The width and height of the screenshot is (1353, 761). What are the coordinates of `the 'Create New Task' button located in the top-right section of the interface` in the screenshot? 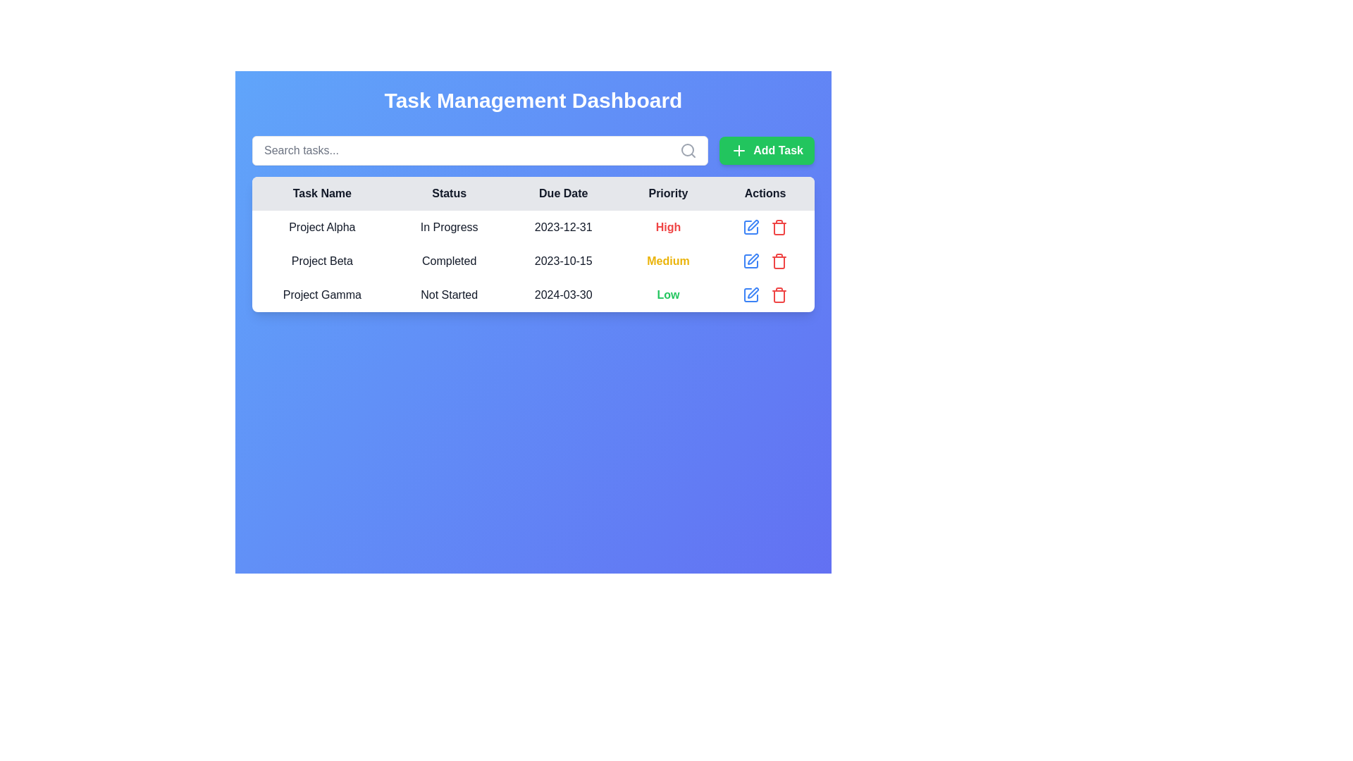 It's located at (766, 150).